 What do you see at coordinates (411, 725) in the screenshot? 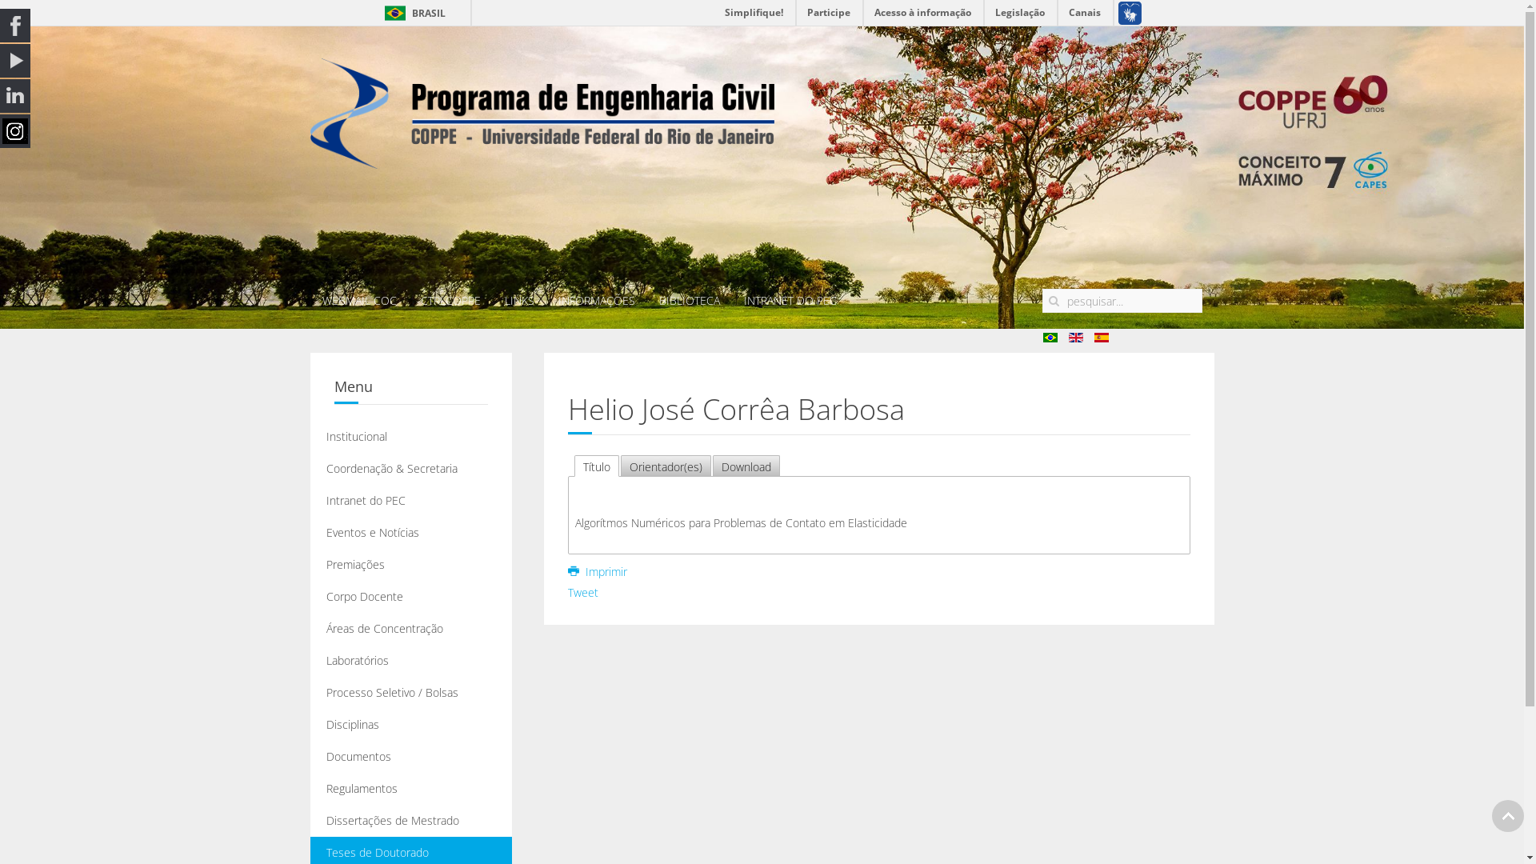
I see `'Disciplinas'` at bounding box center [411, 725].